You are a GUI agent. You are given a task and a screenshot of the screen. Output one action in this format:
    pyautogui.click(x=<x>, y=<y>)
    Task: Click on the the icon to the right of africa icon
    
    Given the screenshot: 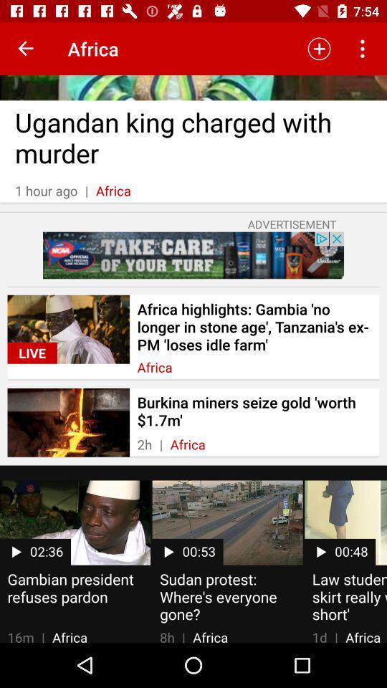 What is the action you would take?
    pyautogui.click(x=319, y=49)
    